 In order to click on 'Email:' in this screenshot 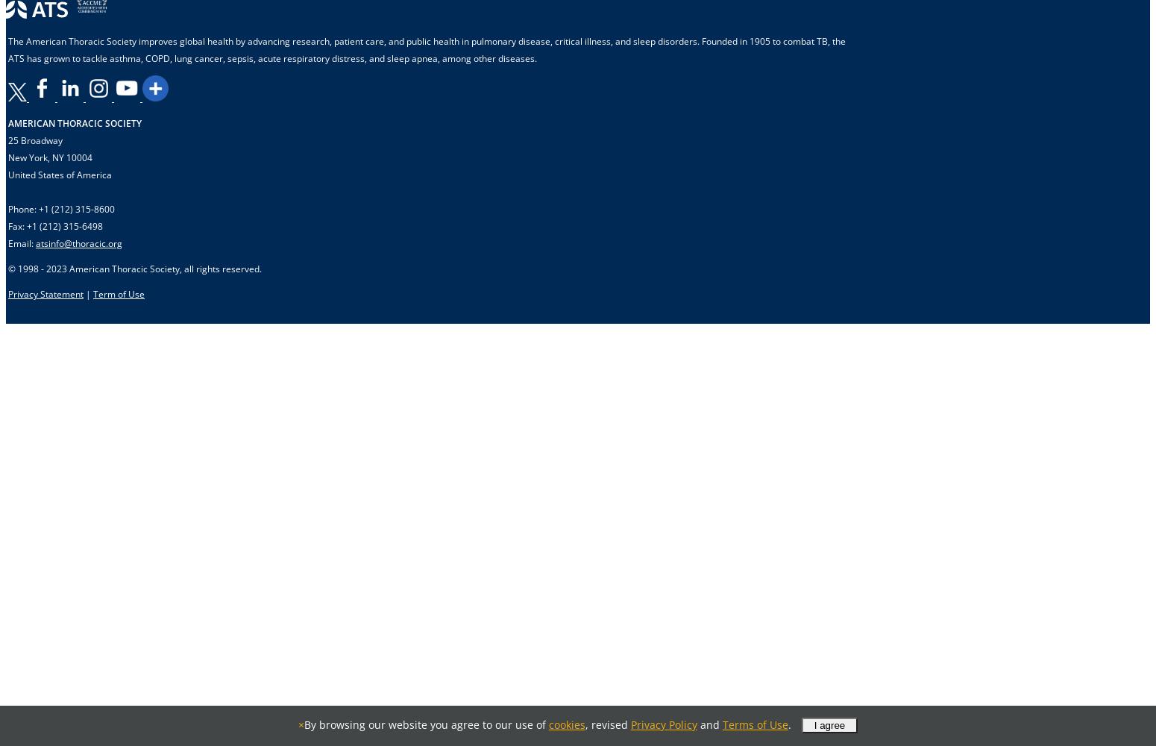, I will do `click(21, 242)`.